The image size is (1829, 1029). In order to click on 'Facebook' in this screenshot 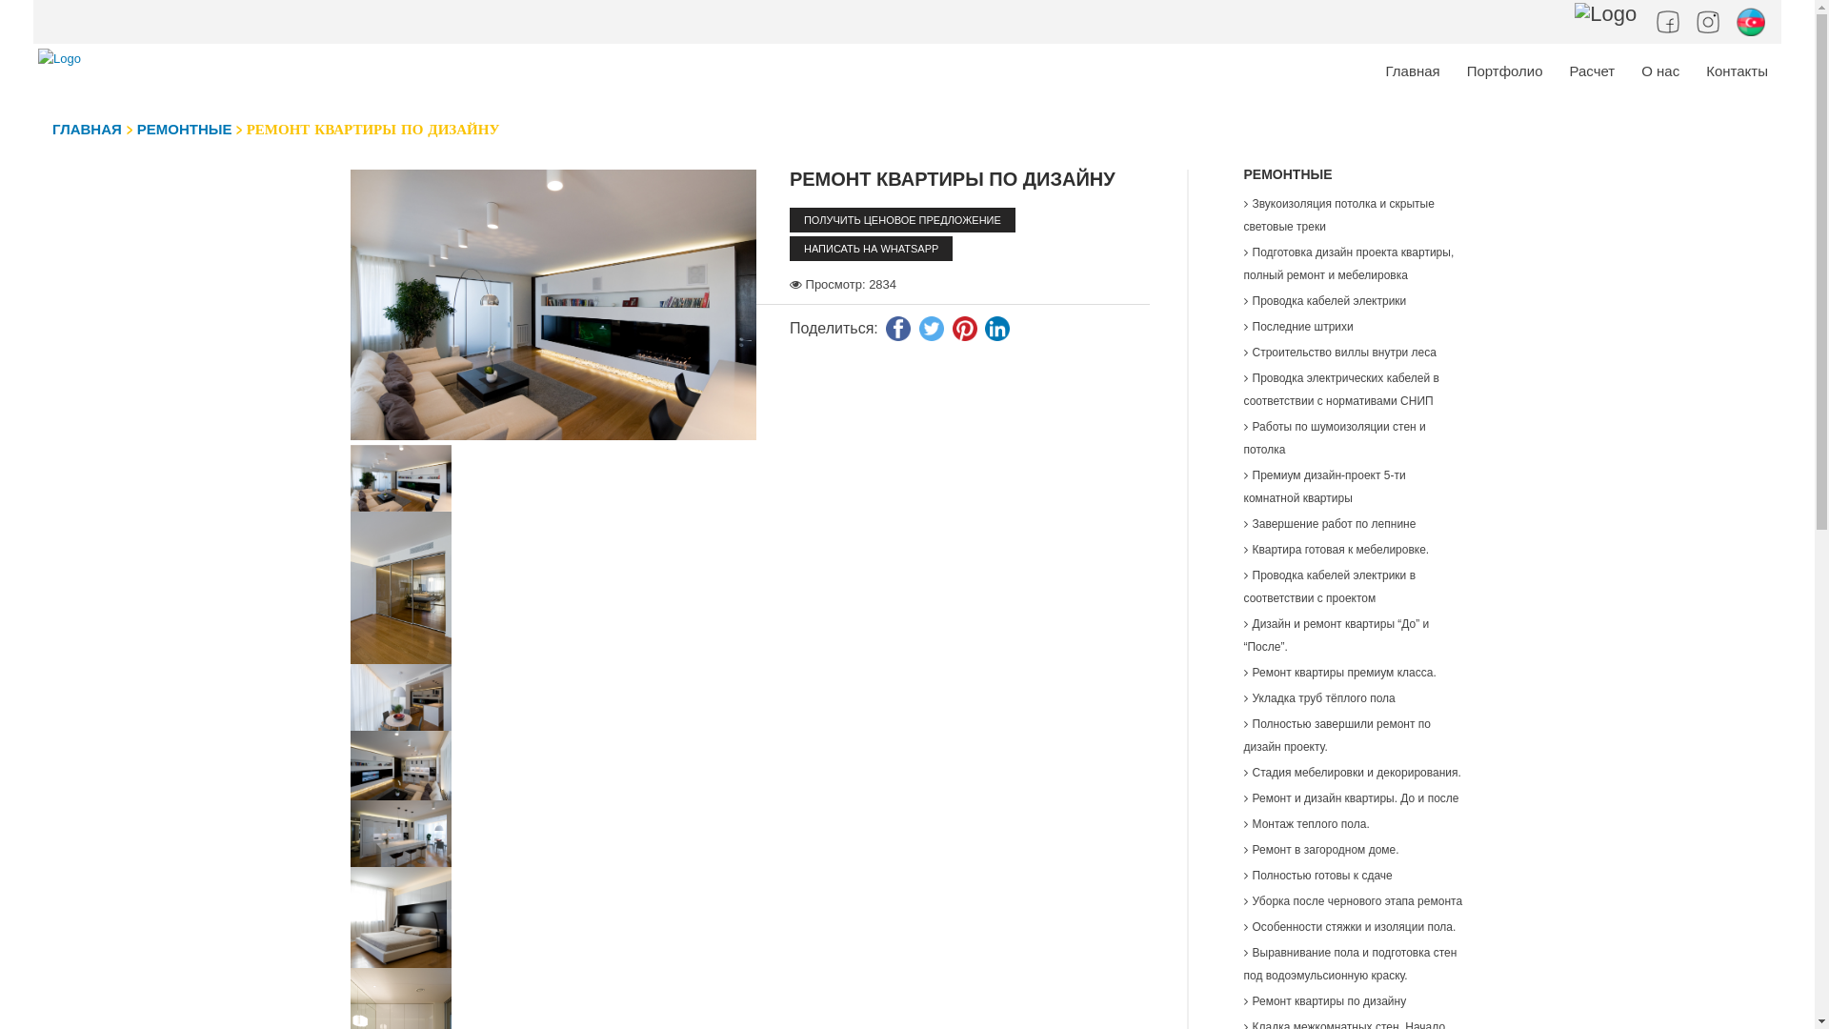, I will do `click(1669, 18)`.